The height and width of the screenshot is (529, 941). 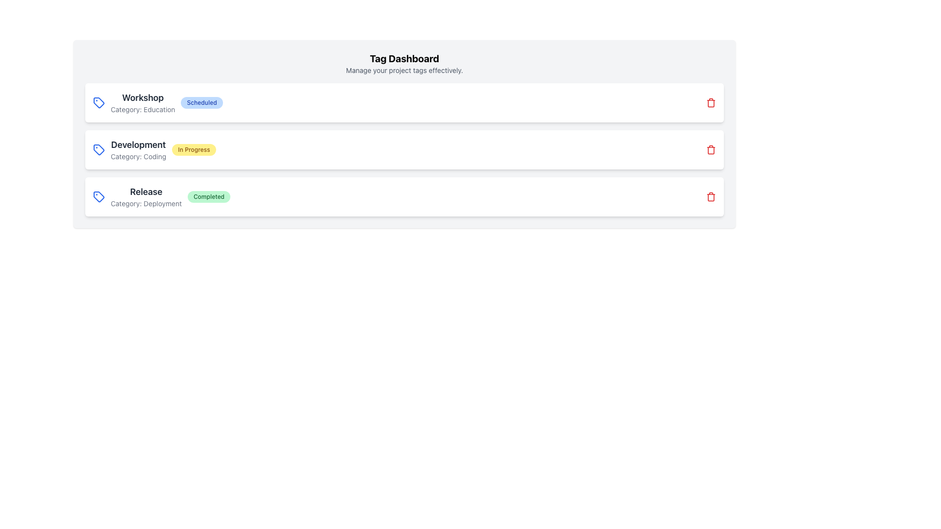 I want to click on the 'Completed' badge with a green background located on the far right side within the 'Release' section of the vertical list, so click(x=208, y=196).